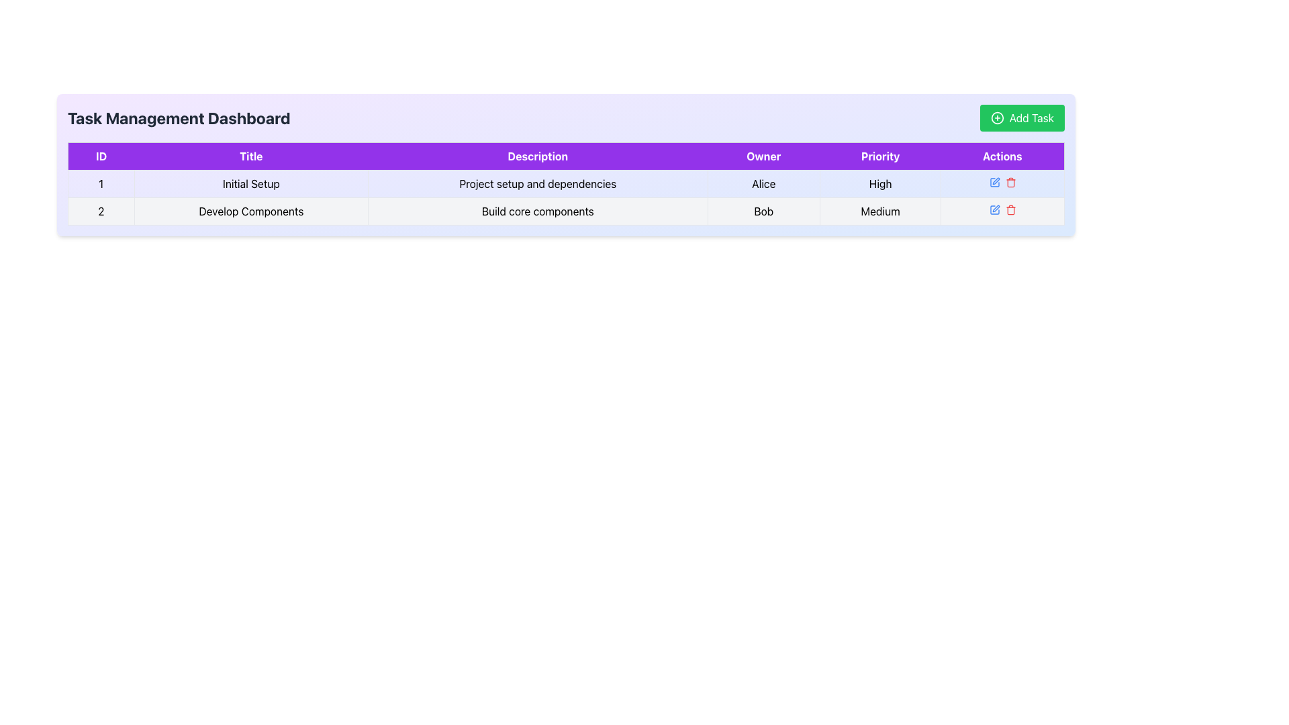 The image size is (1289, 725). I want to click on text content from the Text cell in the fourth column of the first row of the table, which represents the owner 'Alice' associated with the task 'Initial Setup', so click(763, 183).